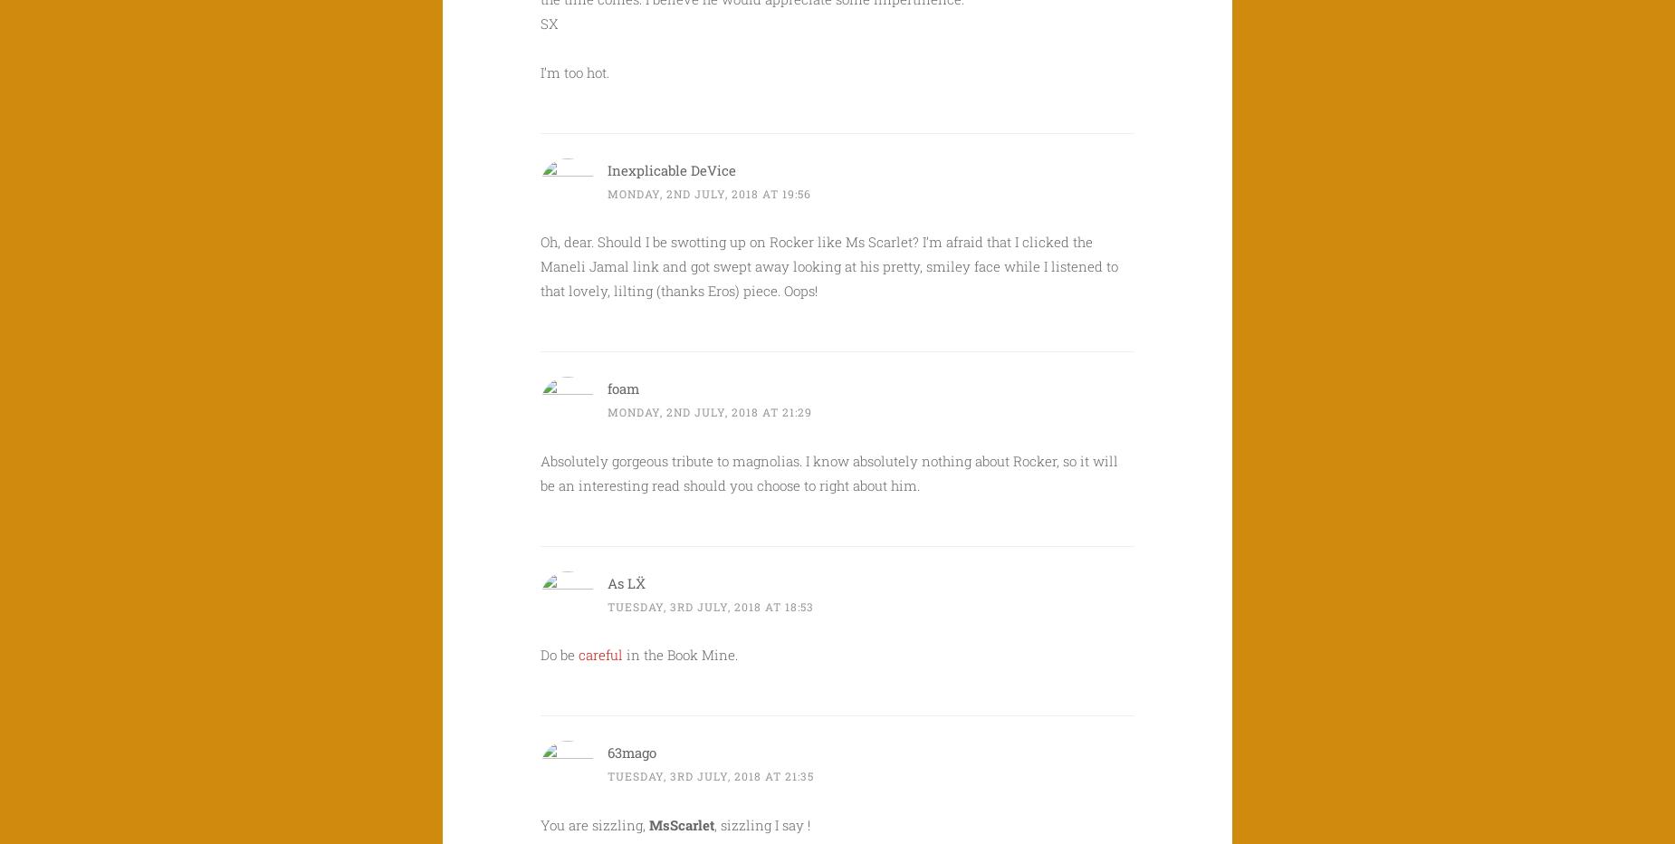 The width and height of the screenshot is (1675, 844). Describe the element at coordinates (594, 824) in the screenshot. I see `'You are sizzling,'` at that location.